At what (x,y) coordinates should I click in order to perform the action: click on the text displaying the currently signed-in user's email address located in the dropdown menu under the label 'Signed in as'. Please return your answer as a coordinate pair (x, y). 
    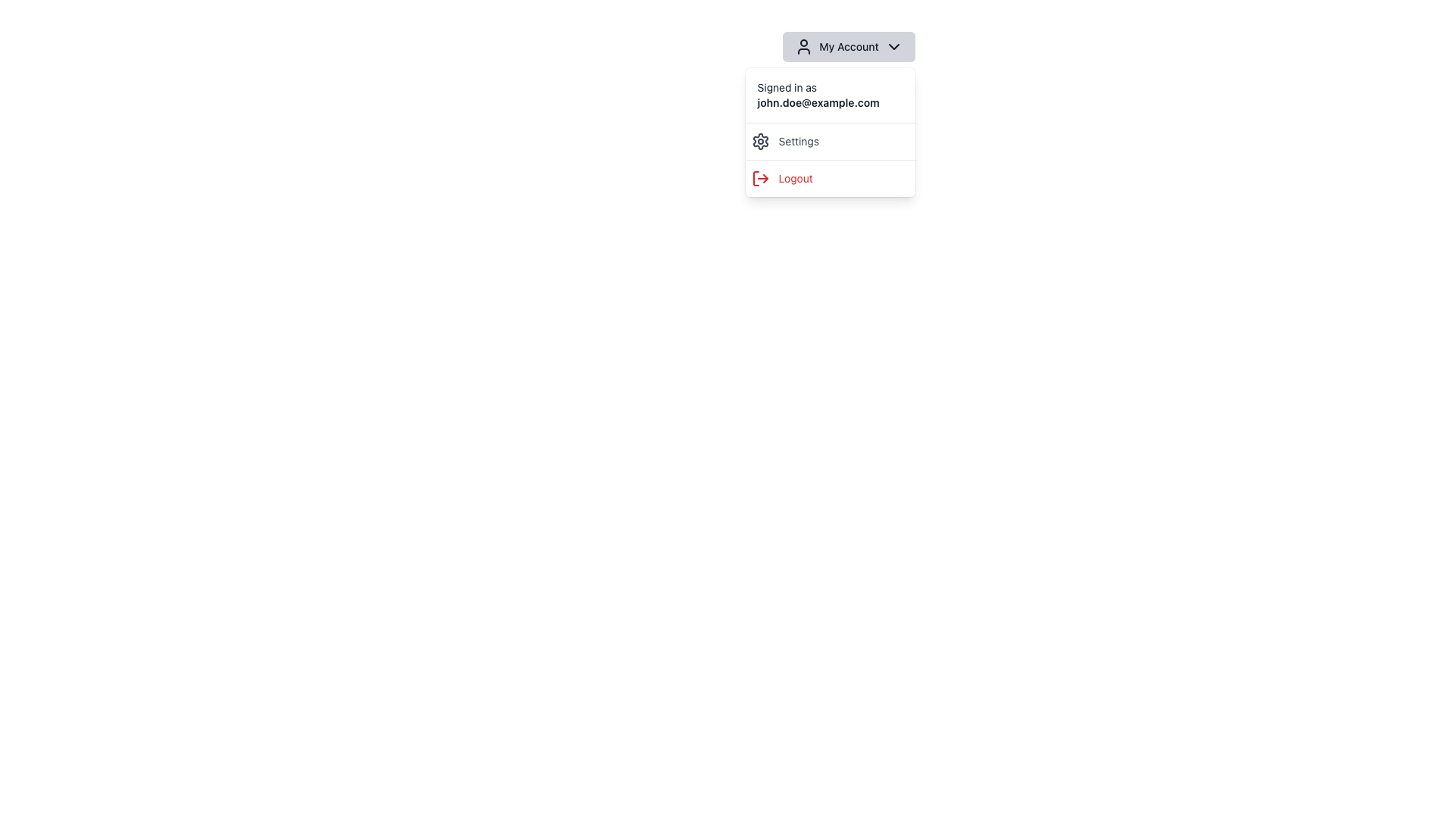
    Looking at the image, I should click on (829, 102).